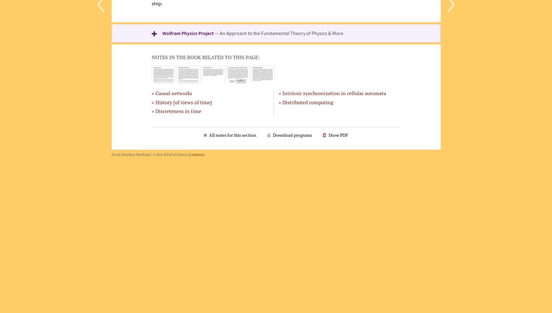 This screenshot has width=552, height=313. What do you see at coordinates (307, 102) in the screenshot?
I see `'Distributed computing'` at bounding box center [307, 102].